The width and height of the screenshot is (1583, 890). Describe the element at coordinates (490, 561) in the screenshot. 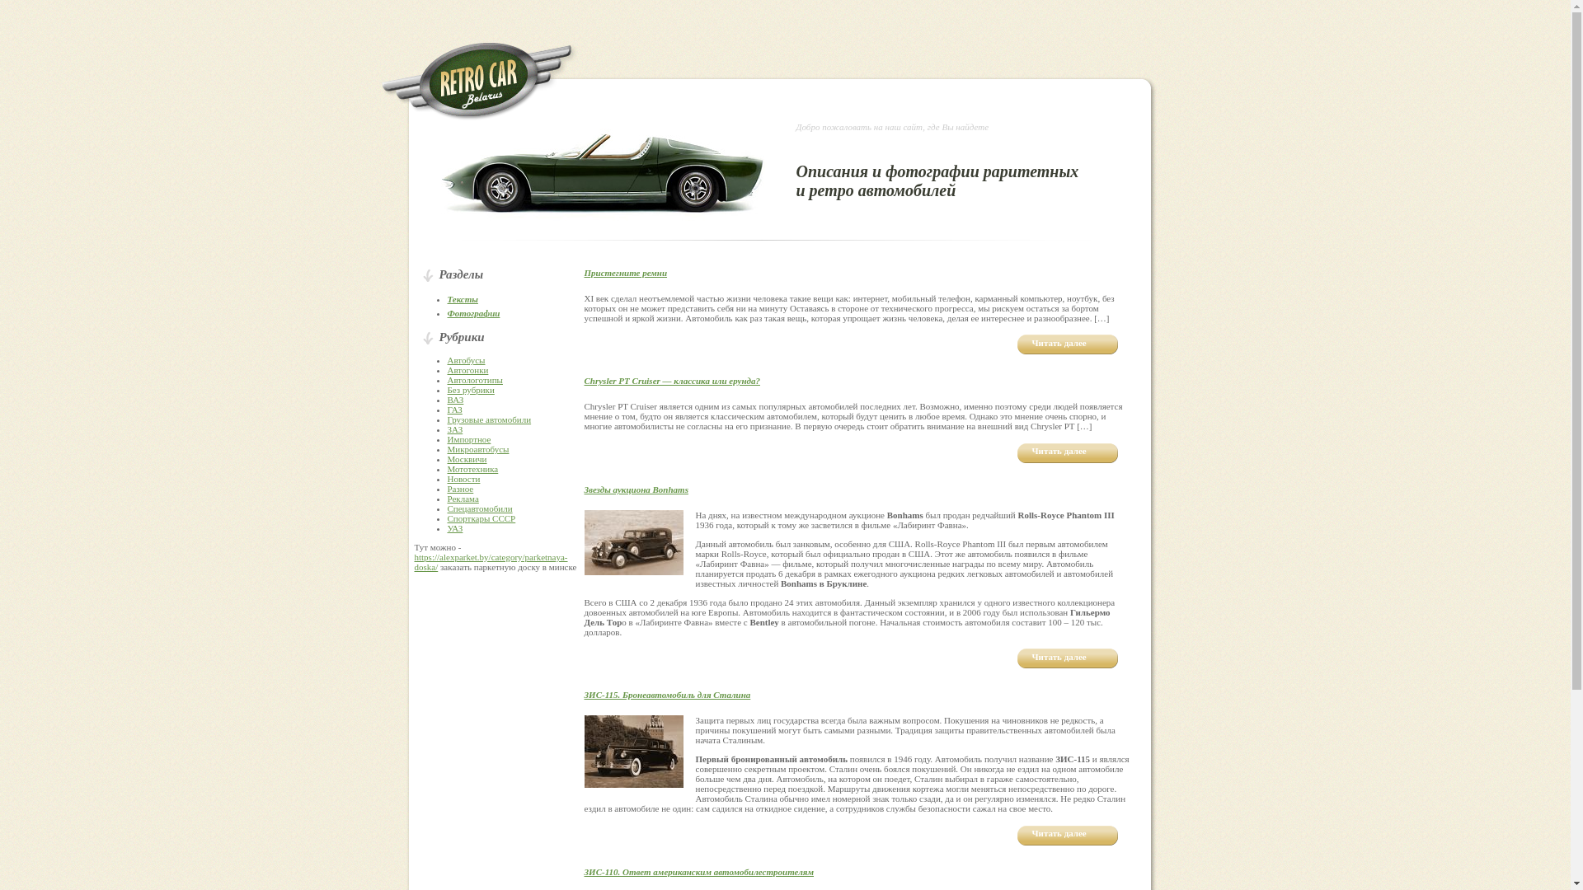

I see `'https://alexparket.by/category/parketnaya-doska/'` at that location.